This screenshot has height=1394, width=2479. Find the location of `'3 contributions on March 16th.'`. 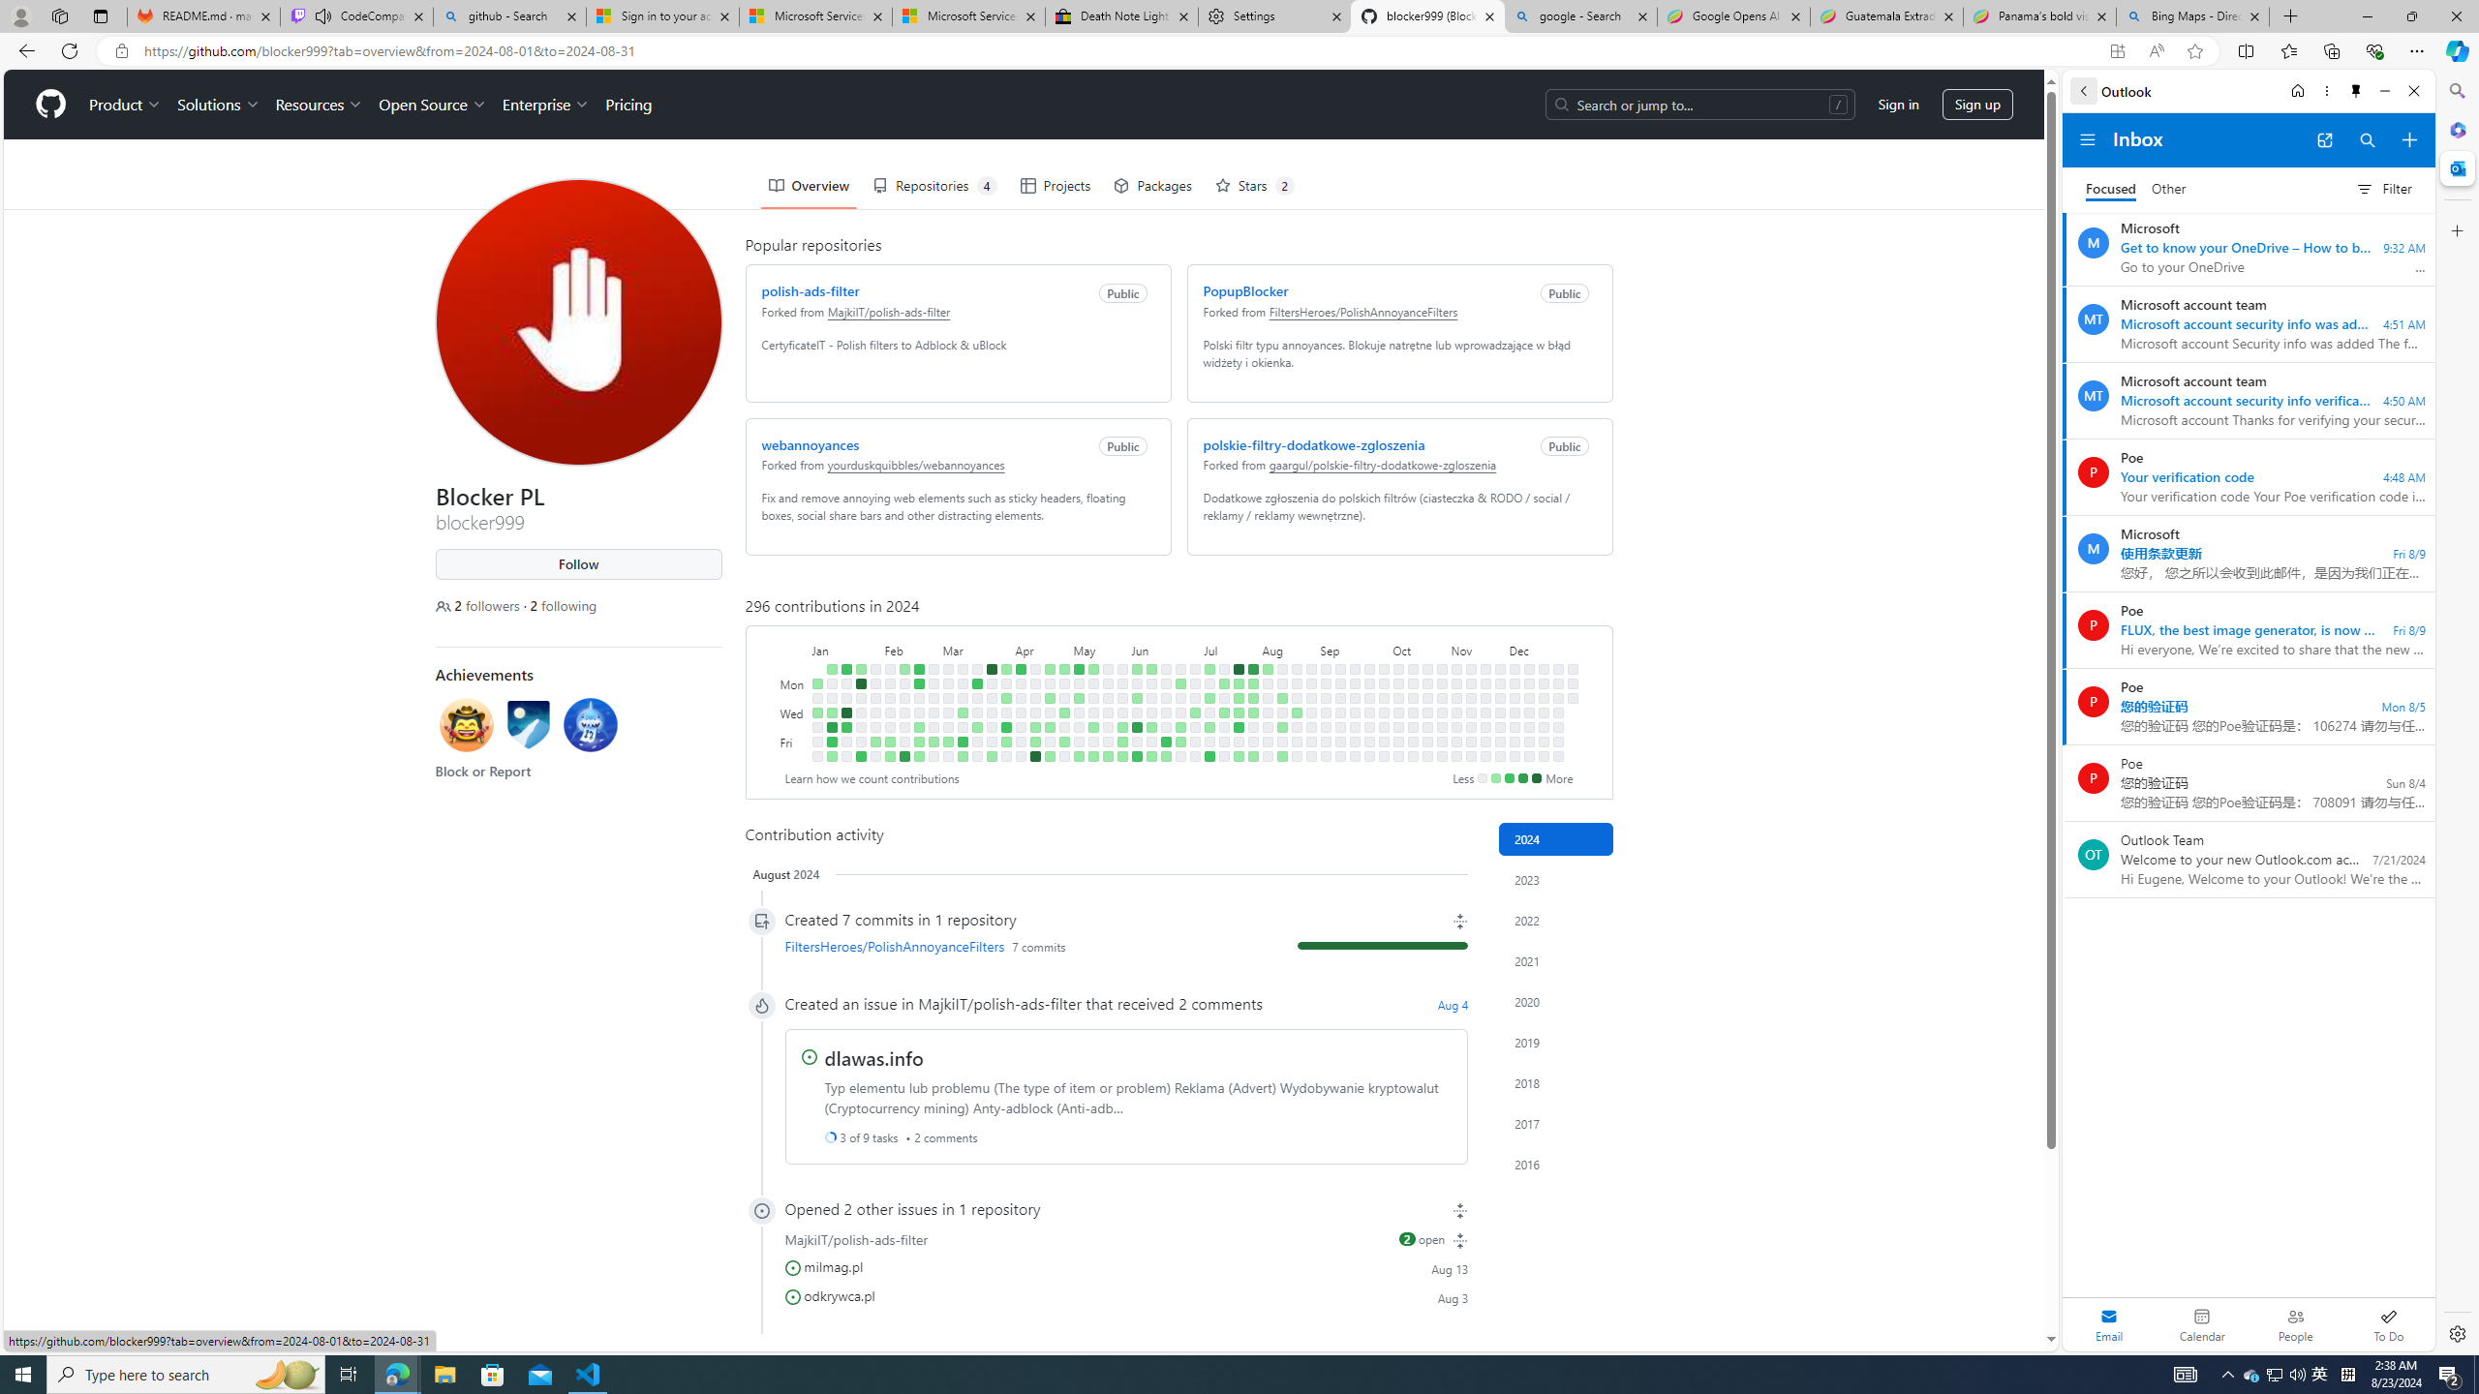

'3 contributions on March 16th.' is located at coordinates (963, 756).